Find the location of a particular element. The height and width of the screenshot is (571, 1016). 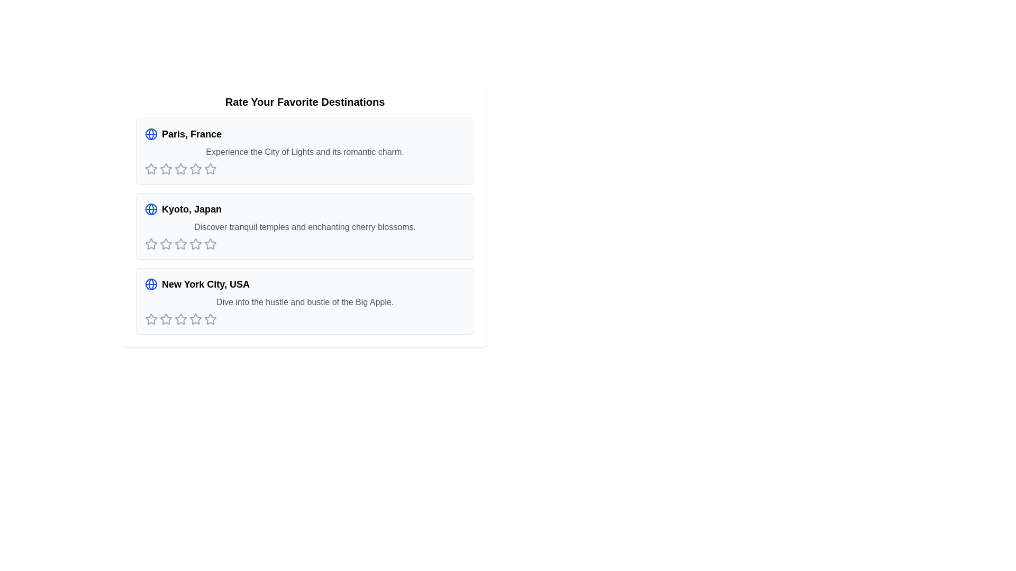

the destination name text located at the top-left corner of the list beside the blue-colored globe icon to highlight it is located at coordinates (192, 134).